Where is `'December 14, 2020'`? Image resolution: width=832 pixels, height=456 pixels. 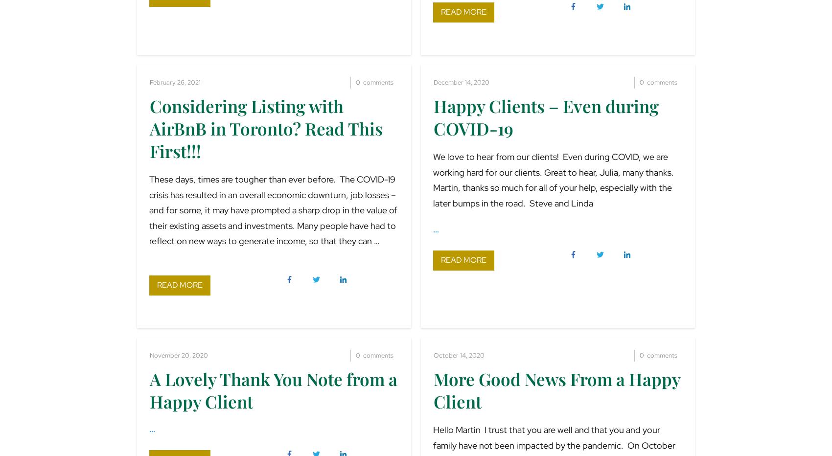 'December 14, 2020' is located at coordinates (461, 82).